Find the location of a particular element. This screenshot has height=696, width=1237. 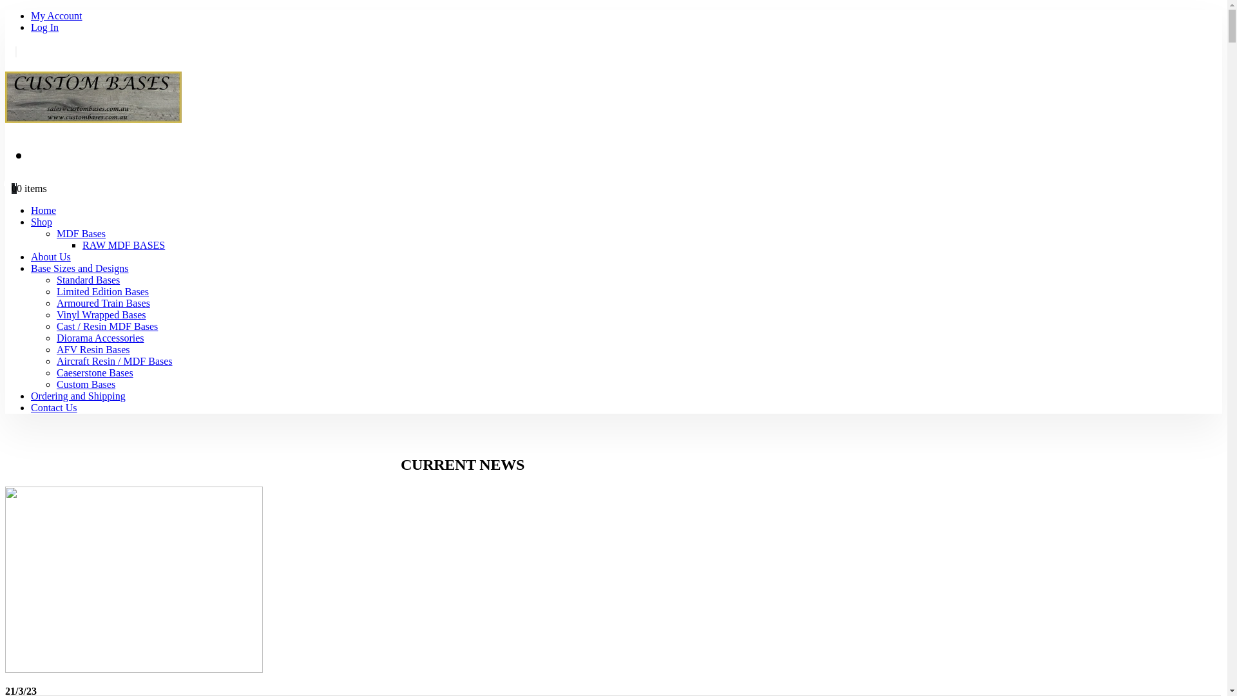

'Contact Us' is located at coordinates (53, 407).